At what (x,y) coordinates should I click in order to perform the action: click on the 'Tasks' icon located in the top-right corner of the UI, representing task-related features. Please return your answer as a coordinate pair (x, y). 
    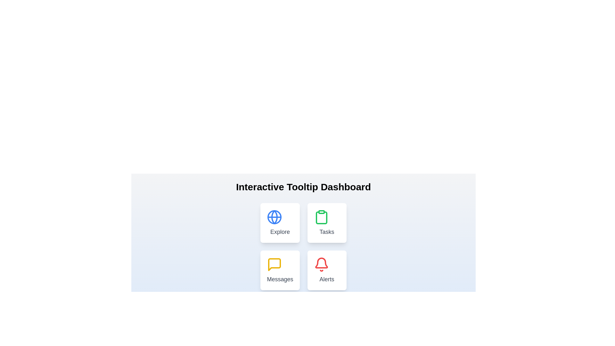
    Looking at the image, I should click on (321, 217).